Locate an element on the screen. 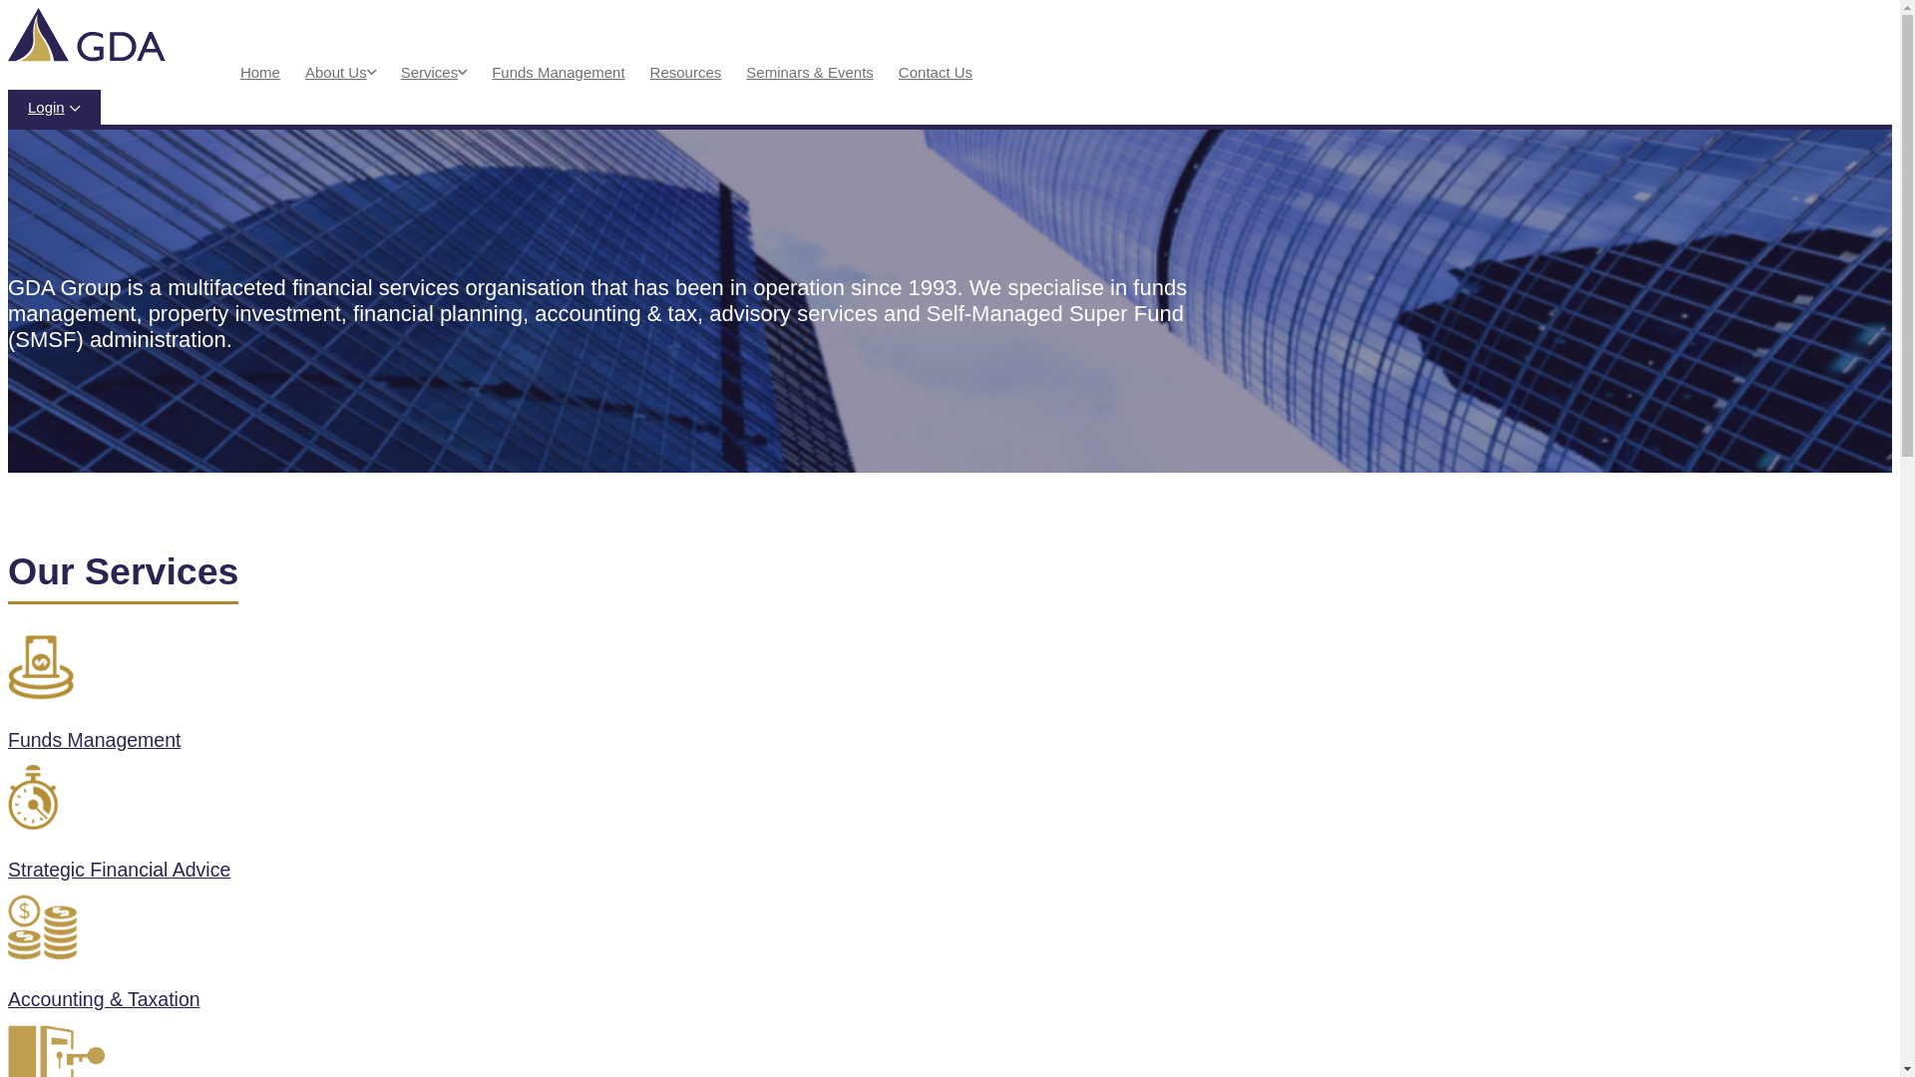  'Funds Management' is located at coordinates (605, 699).